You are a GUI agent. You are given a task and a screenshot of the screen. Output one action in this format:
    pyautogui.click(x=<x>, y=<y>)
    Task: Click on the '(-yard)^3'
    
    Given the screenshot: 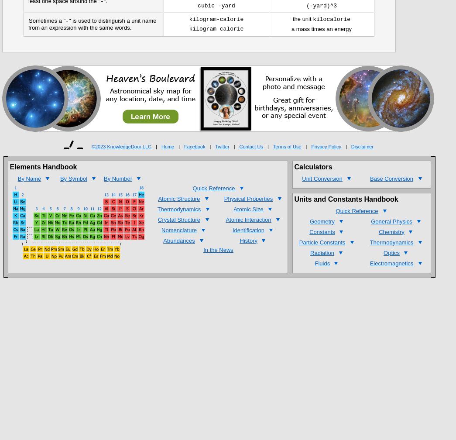 What is the action you would take?
    pyautogui.click(x=321, y=6)
    